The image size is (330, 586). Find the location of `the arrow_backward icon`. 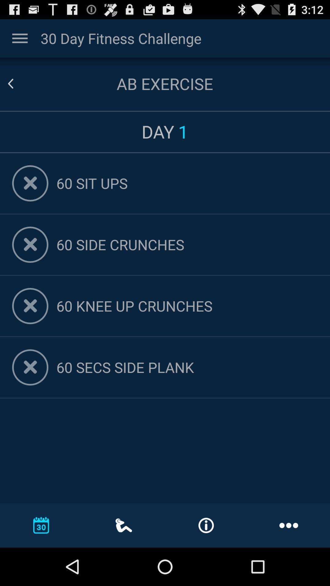

the arrow_backward icon is located at coordinates (18, 89).